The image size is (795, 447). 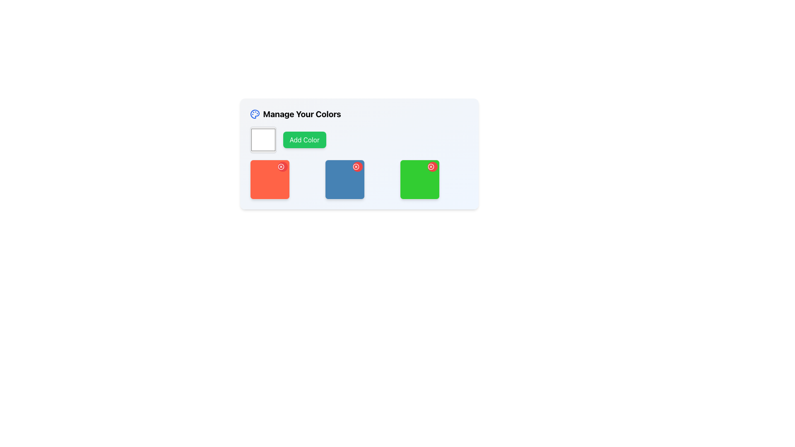 I want to click on the circular icon located in the top-right corner of the green card in the color selection interface, so click(x=431, y=166).